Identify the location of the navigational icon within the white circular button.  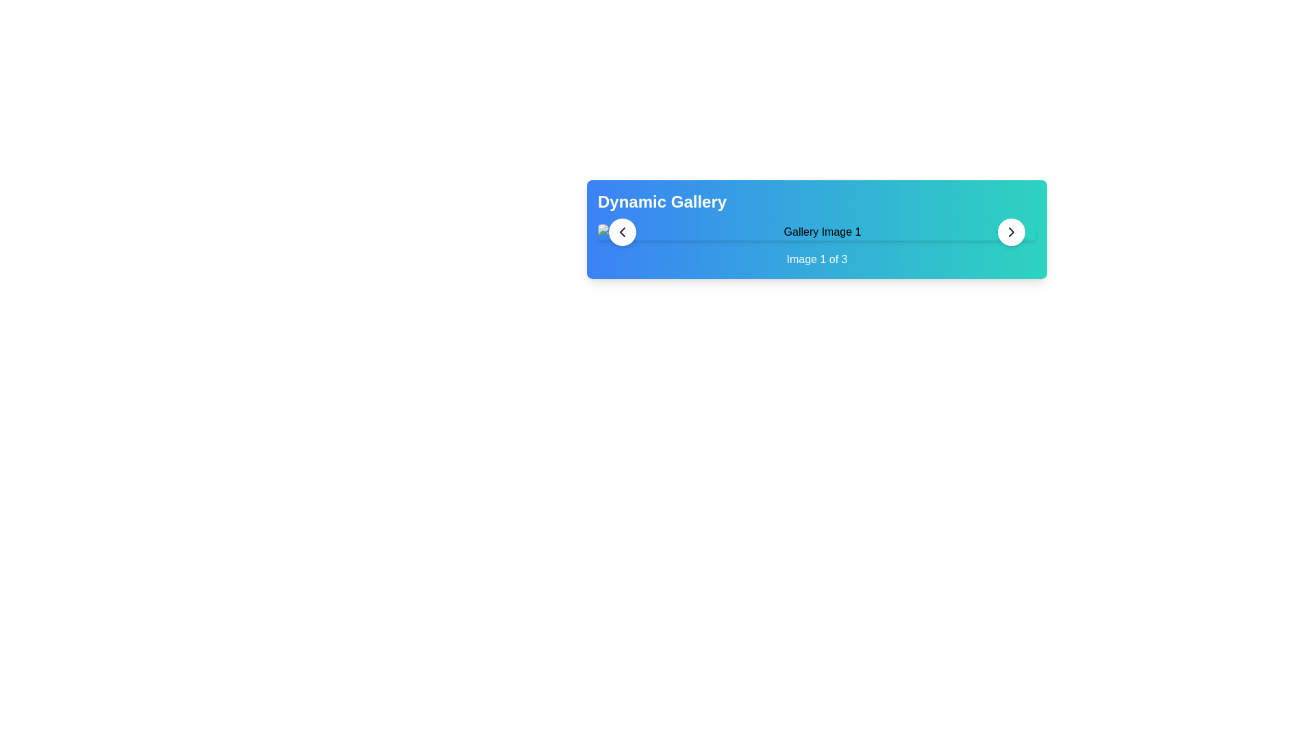
(621, 232).